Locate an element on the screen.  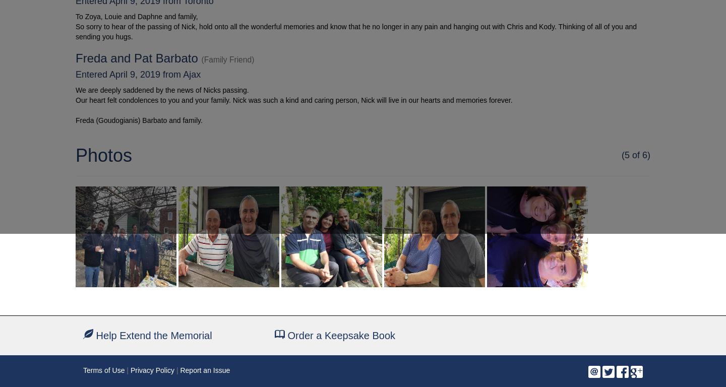
'(5
						
						
						of
						6)' is located at coordinates (621, 155).